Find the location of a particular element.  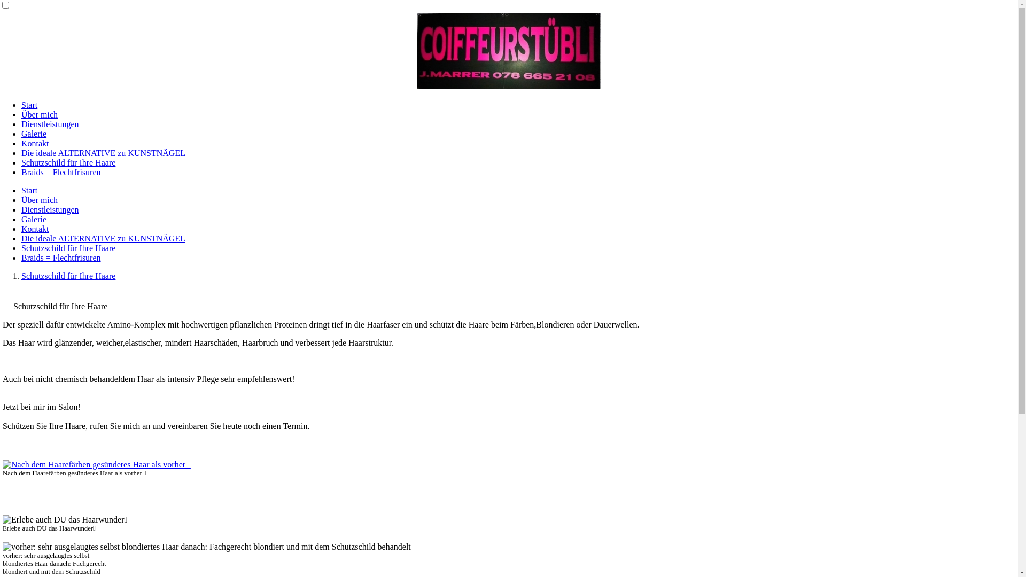

'Start' is located at coordinates (21, 105).